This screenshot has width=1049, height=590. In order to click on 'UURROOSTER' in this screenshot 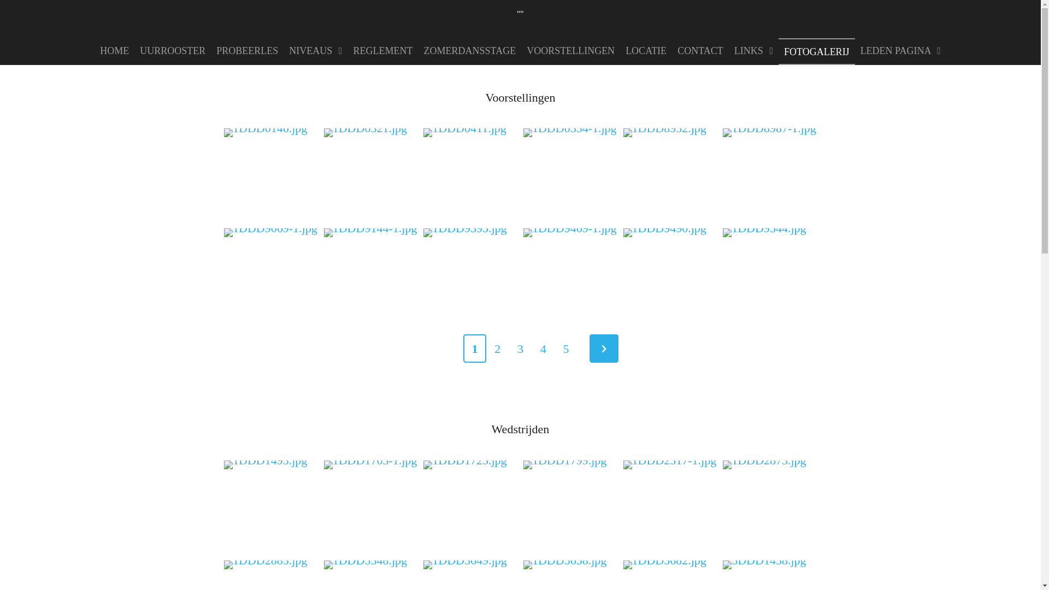, I will do `click(172, 50)`.